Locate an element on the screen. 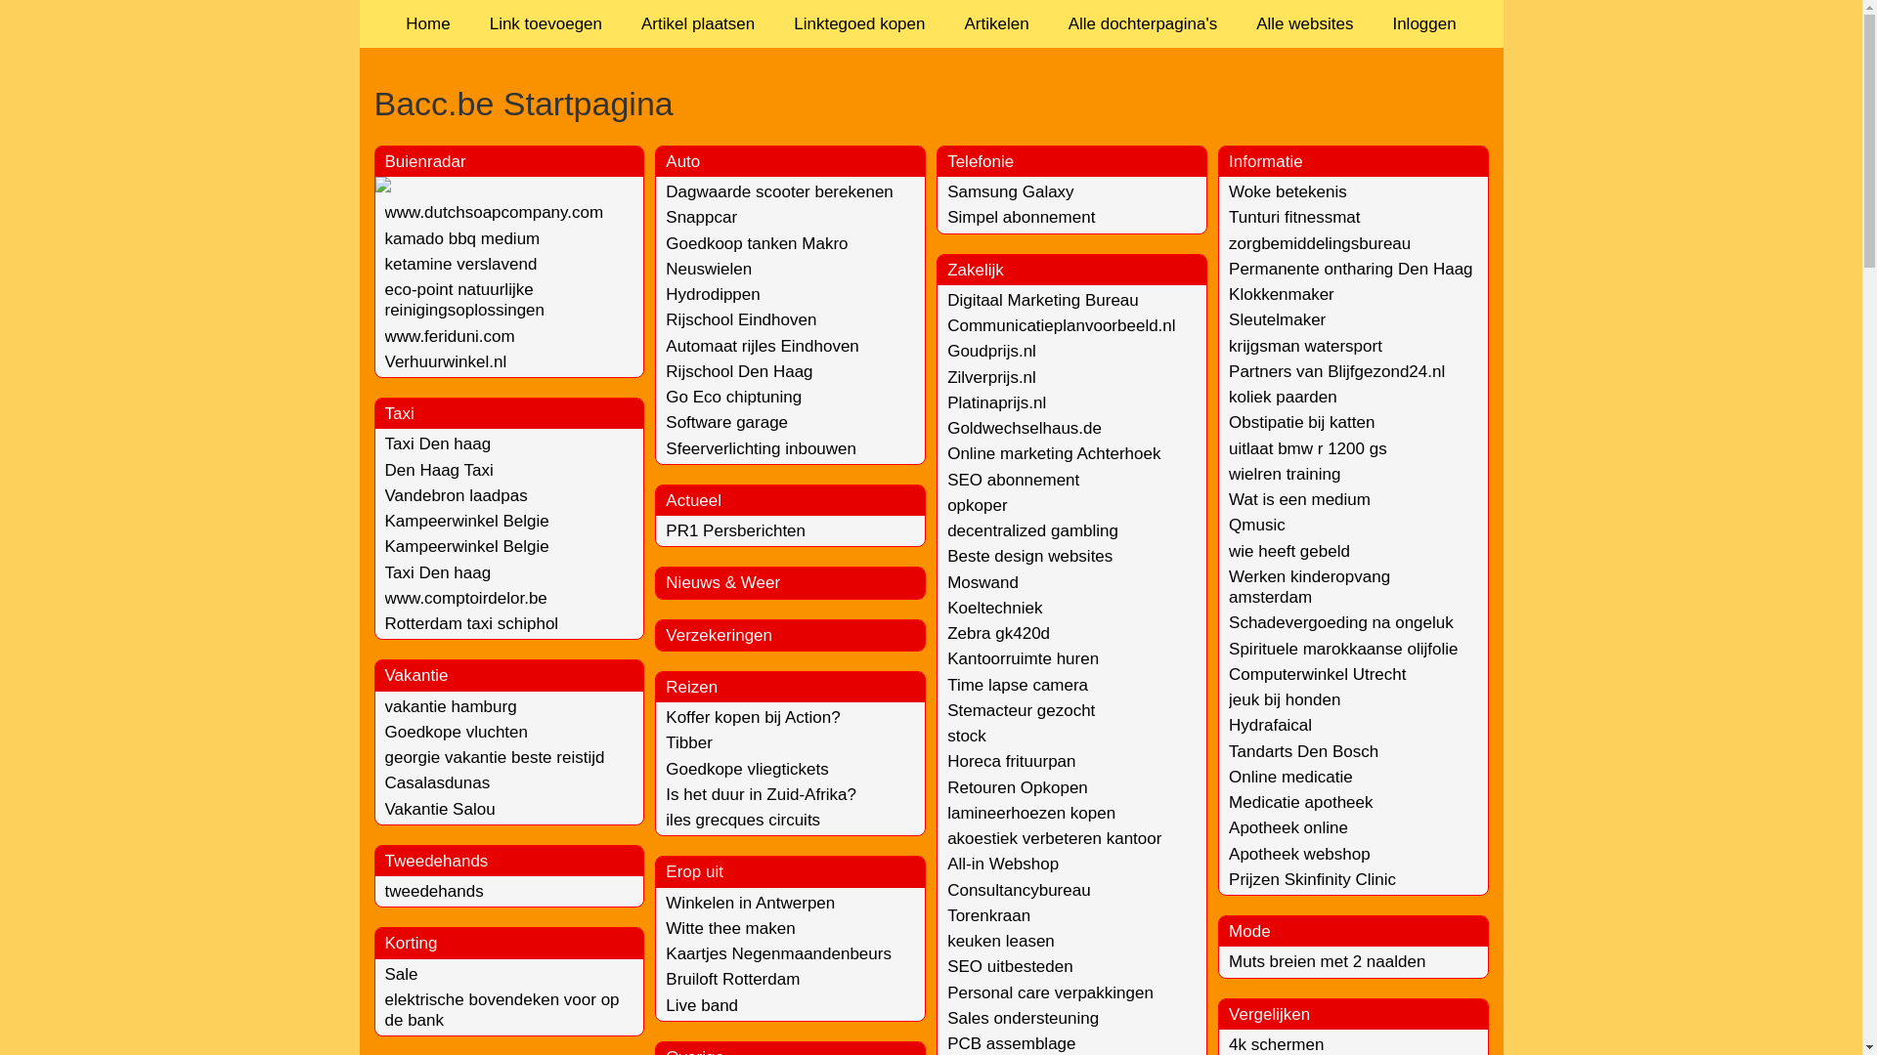  'georgie vakantie beste reistijd' is located at coordinates (495, 756).